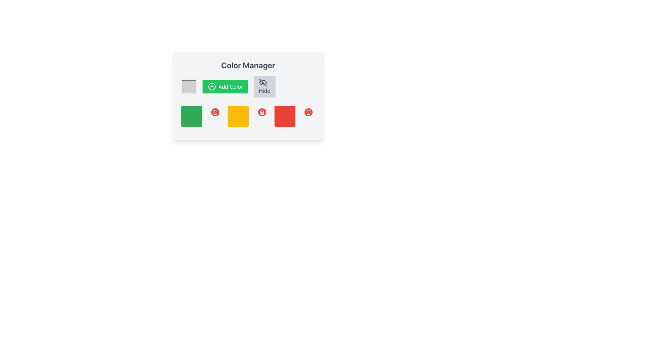 This screenshot has width=646, height=363. What do you see at coordinates (248, 116) in the screenshot?
I see `the yellow Color display block, which is the middle item in a horizontal grid of three elements` at bounding box center [248, 116].